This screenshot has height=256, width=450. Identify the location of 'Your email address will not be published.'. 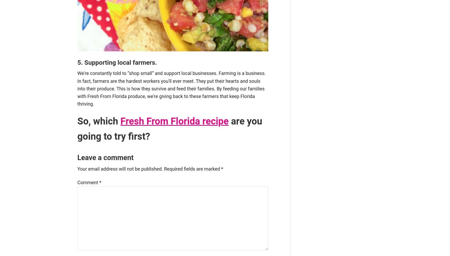
(120, 168).